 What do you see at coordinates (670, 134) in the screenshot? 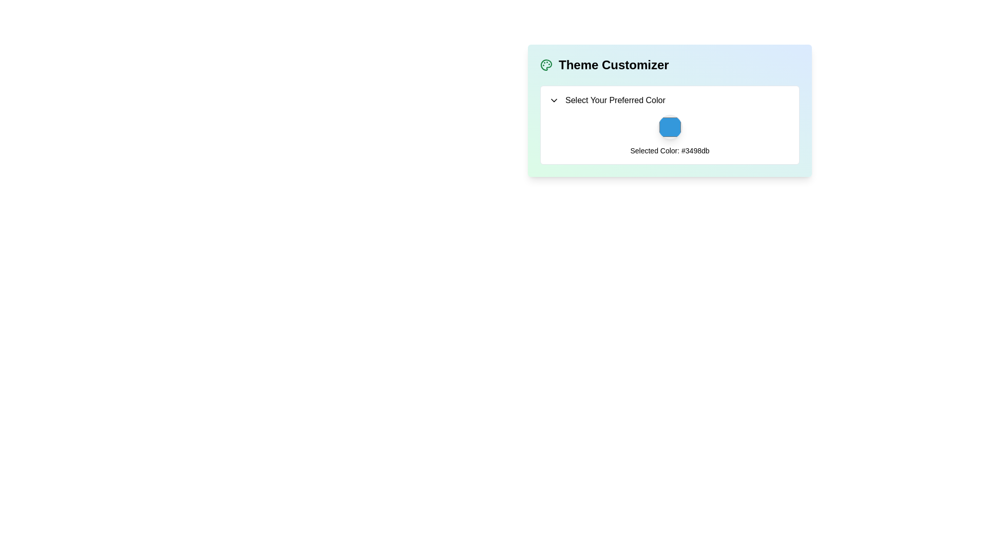
I see `the Color Display Icon within the Theme Customizer card that represents the currently selected color` at bounding box center [670, 134].